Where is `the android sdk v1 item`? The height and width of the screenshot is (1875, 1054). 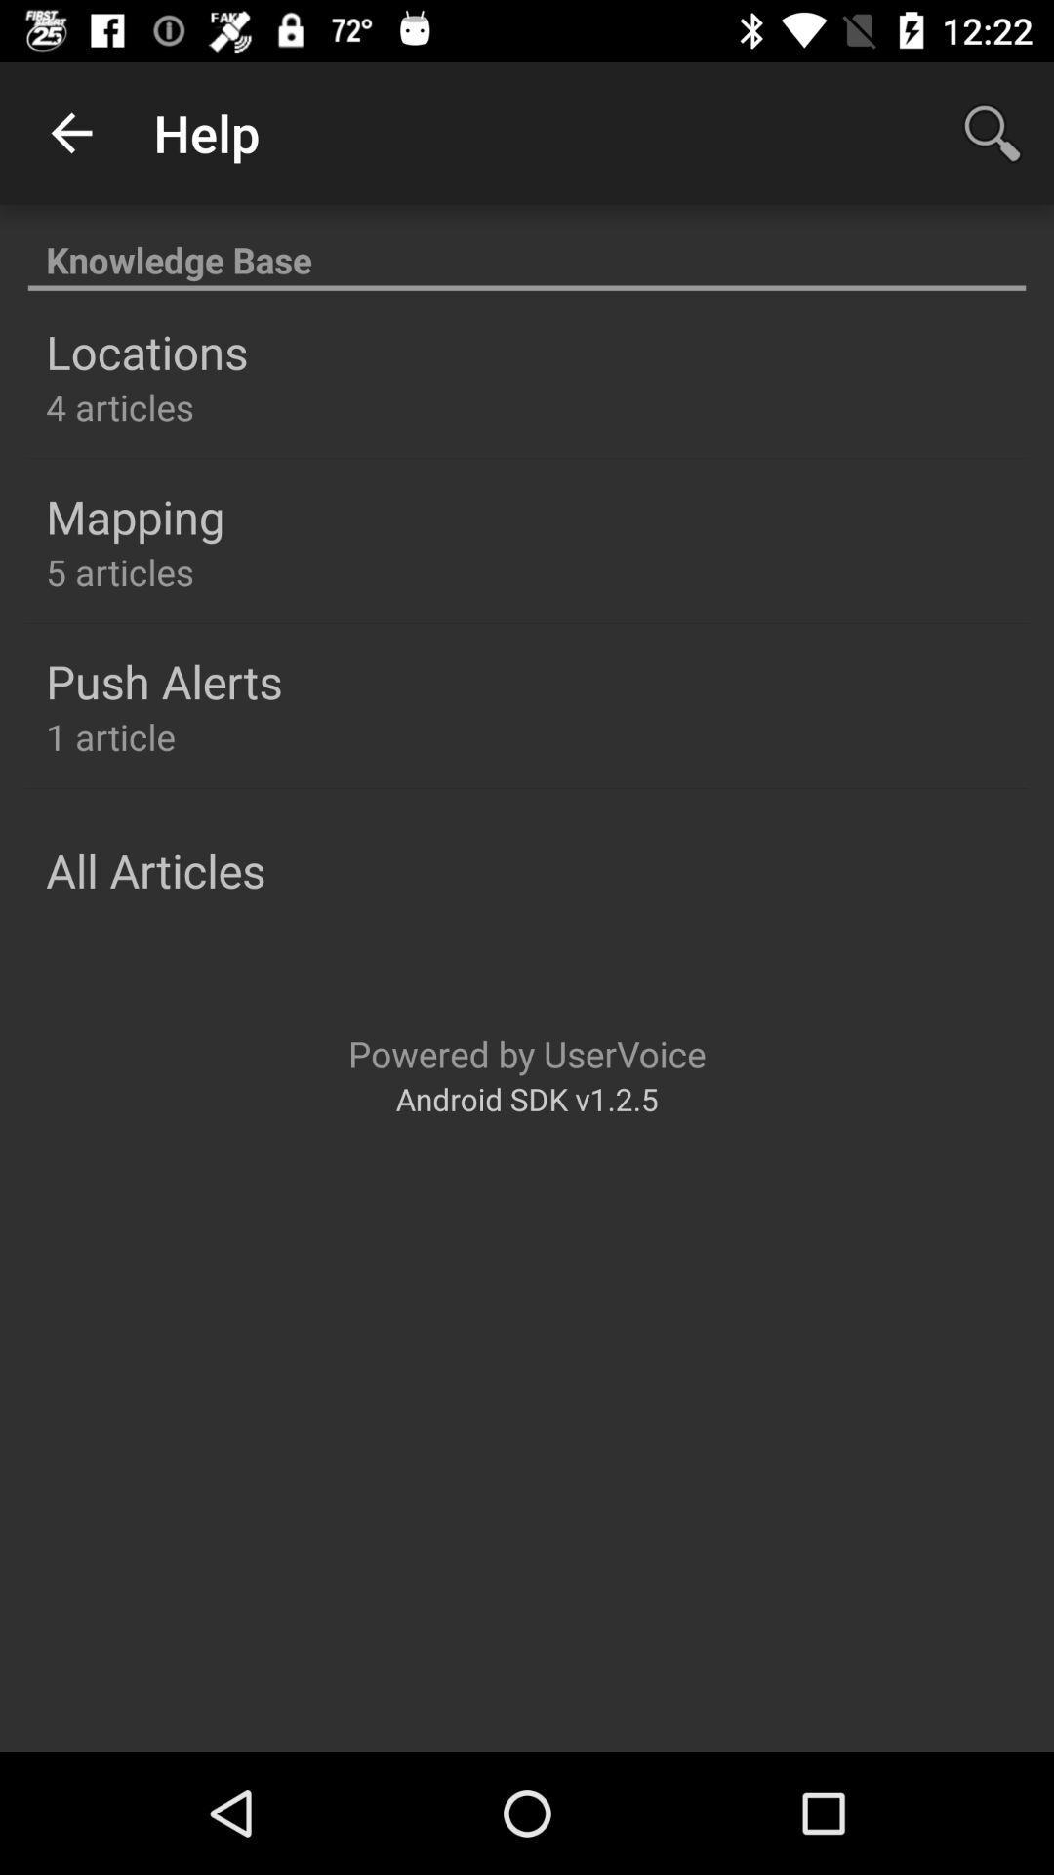 the android sdk v1 item is located at coordinates (527, 1099).